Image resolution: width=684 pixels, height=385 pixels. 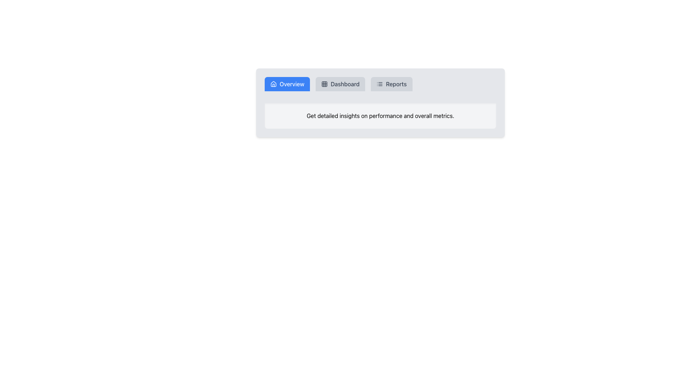 I want to click on the 'Overview' button, the first button in a horizontal list of three buttons located in the upper part of the page, so click(x=287, y=83).